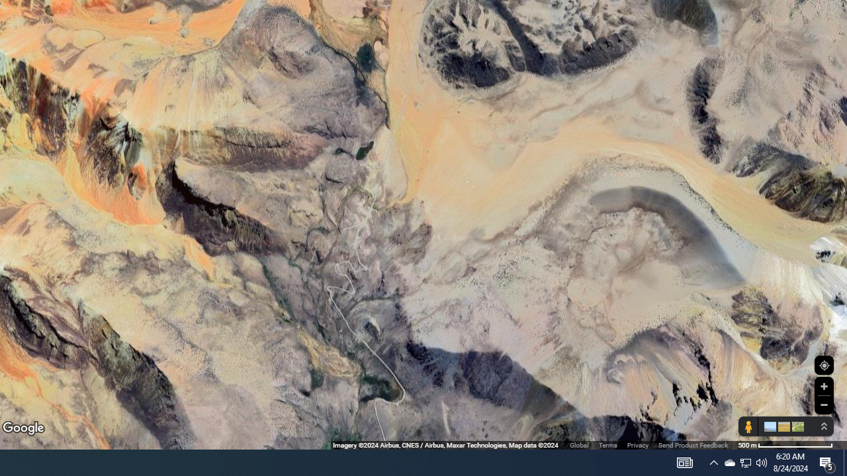 The width and height of the screenshot is (847, 476). What do you see at coordinates (823, 365) in the screenshot?
I see `'Show Your Location'` at bounding box center [823, 365].